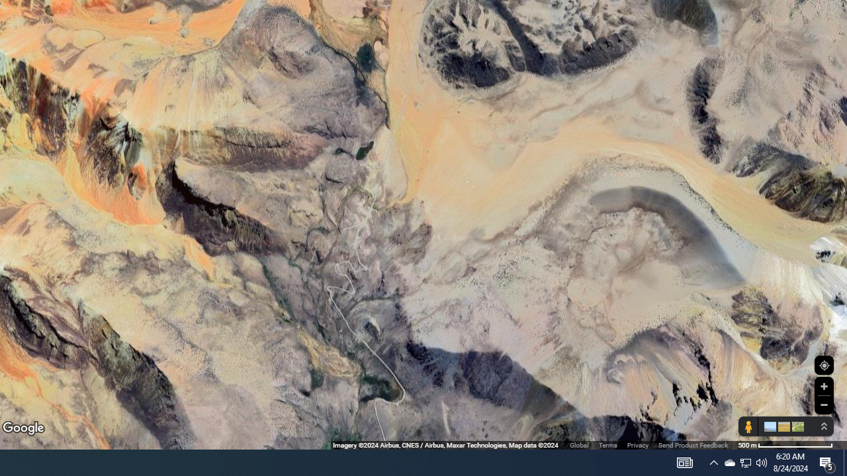 The width and height of the screenshot is (847, 476). What do you see at coordinates (823, 365) in the screenshot?
I see `'Show Your Location'` at bounding box center [823, 365].